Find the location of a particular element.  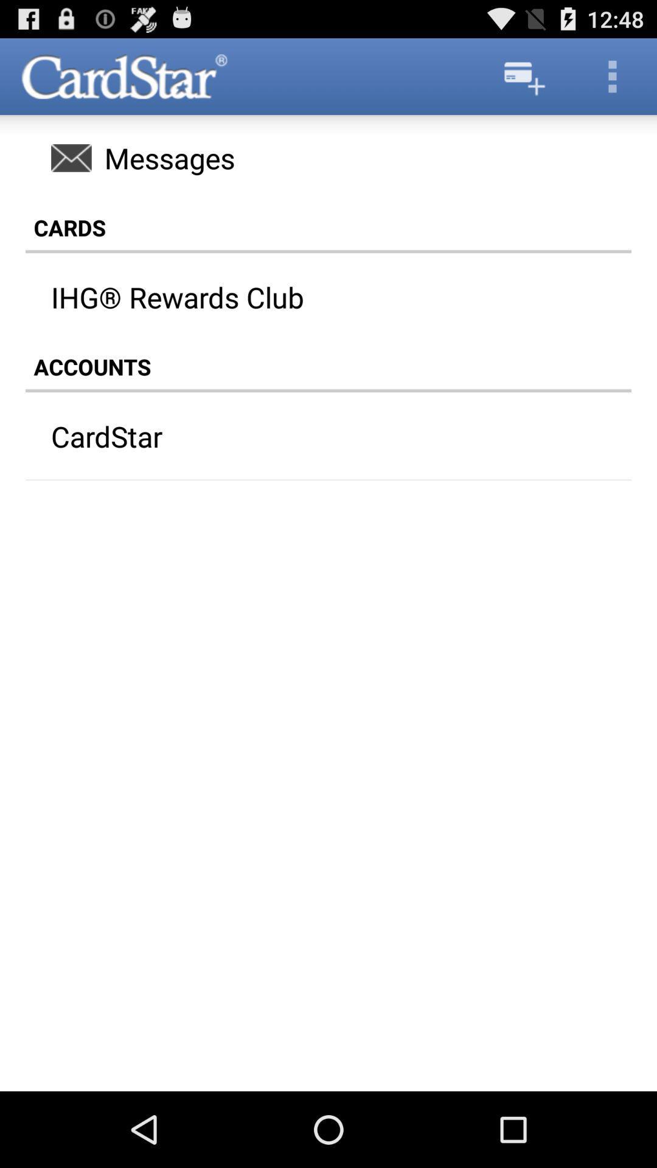

the accounts app is located at coordinates (328, 366).